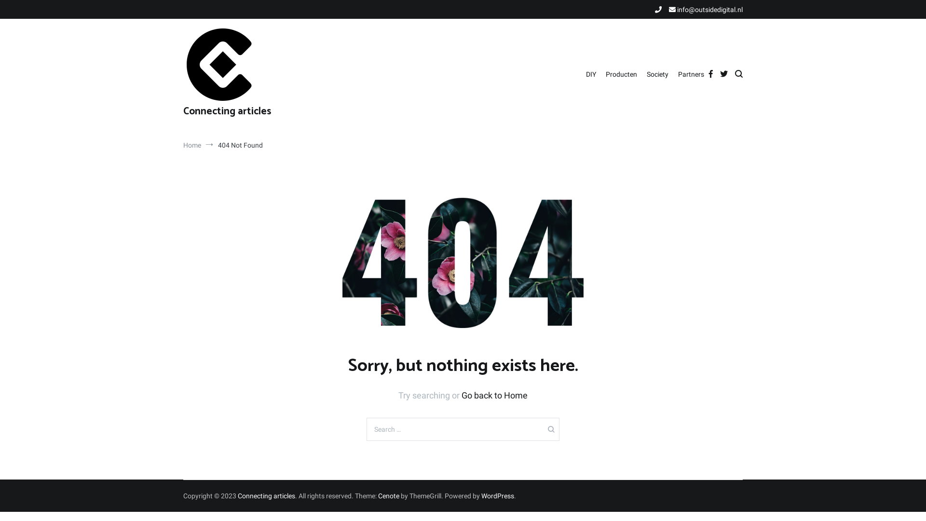 The width and height of the screenshot is (926, 521). I want to click on 'info@outsidedigital.nl', so click(706, 9).